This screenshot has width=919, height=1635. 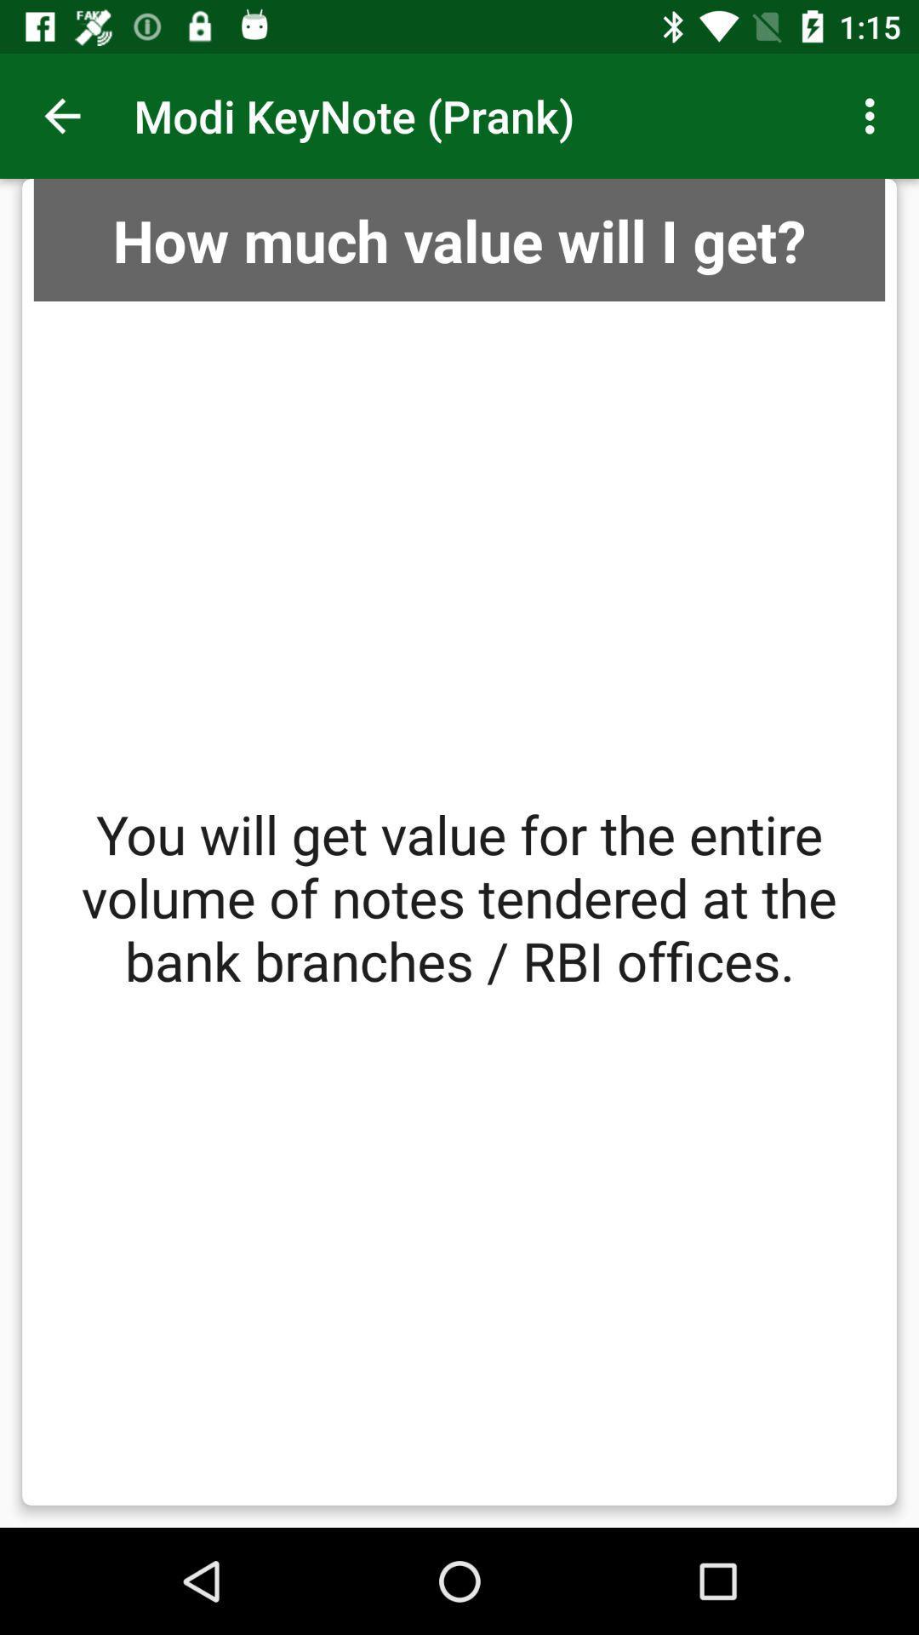 I want to click on the app next to the modi keynote (prank) icon, so click(x=61, y=115).